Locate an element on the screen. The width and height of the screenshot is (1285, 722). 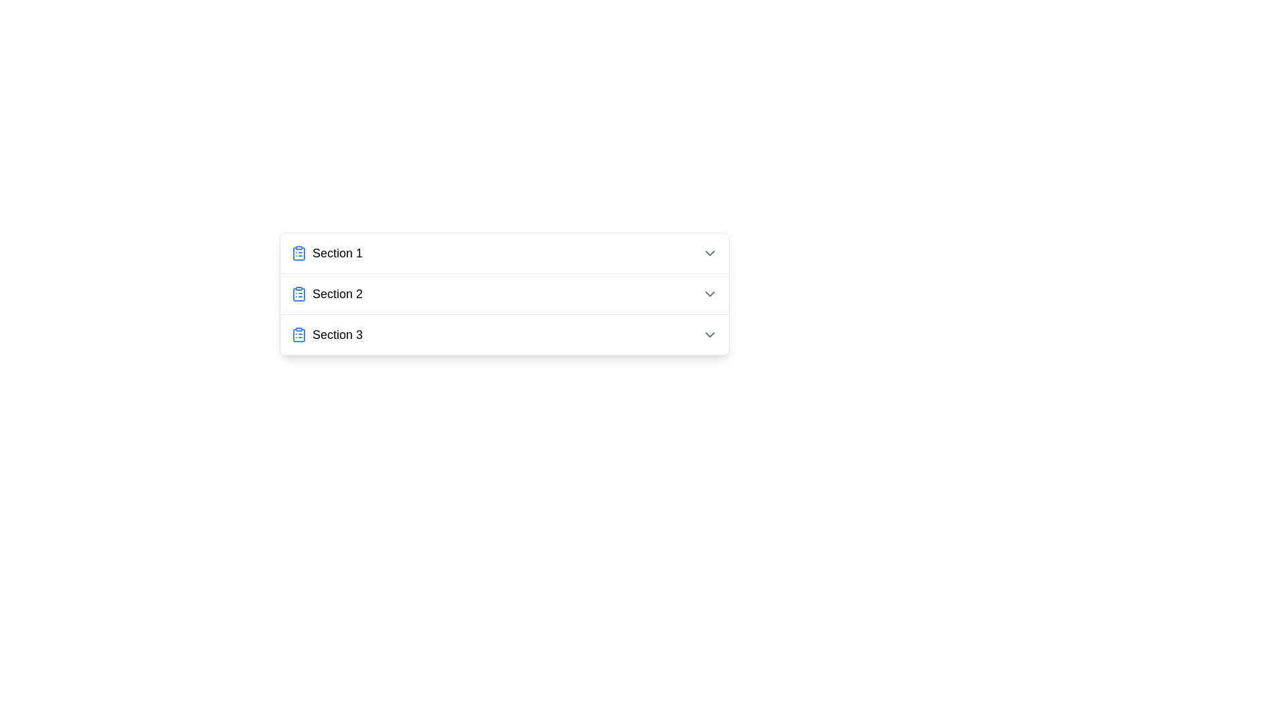
the third item is located at coordinates (503, 334).